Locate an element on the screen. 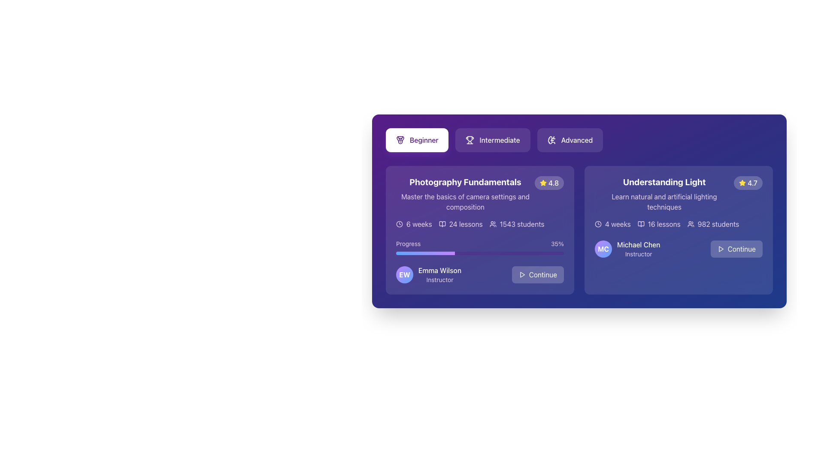 The width and height of the screenshot is (824, 463). the small clock icon with a circular outline and hands, rendered in a light purple color, located within the course box for 'Understanding Light', positioned to the left of the text '4 weeks' is located at coordinates (597, 224).